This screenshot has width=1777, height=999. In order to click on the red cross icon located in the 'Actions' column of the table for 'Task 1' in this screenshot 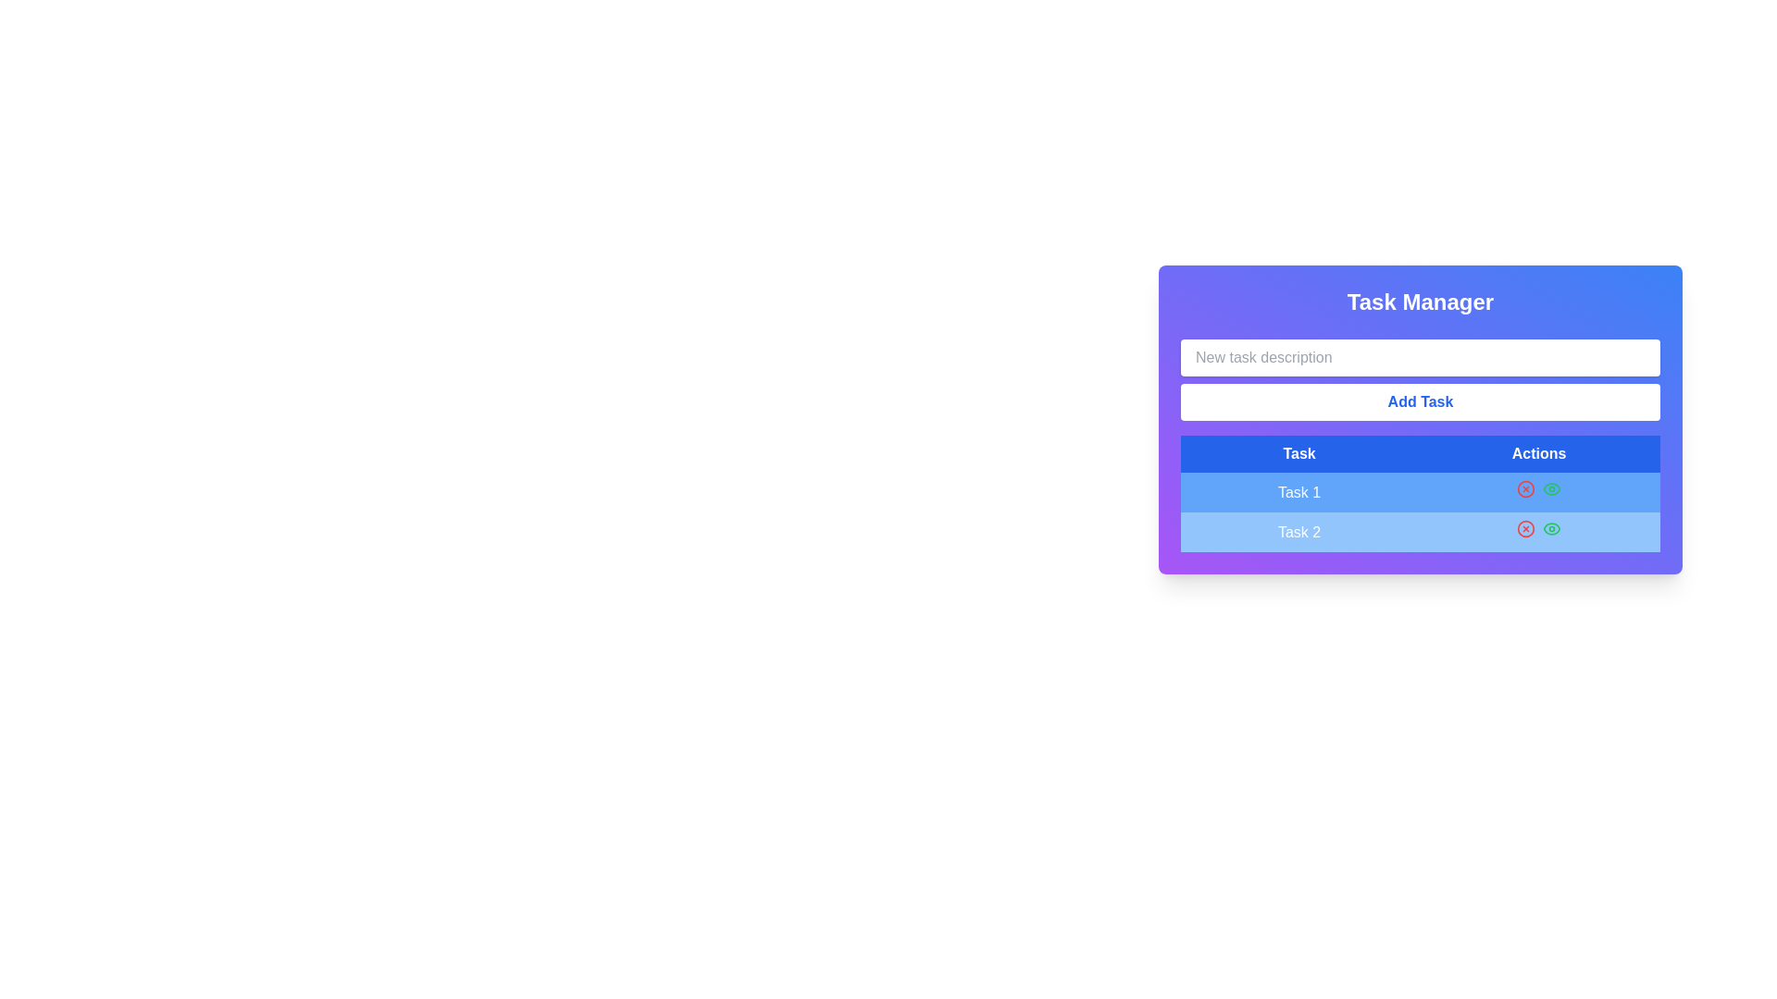, I will do `click(1539, 491)`.